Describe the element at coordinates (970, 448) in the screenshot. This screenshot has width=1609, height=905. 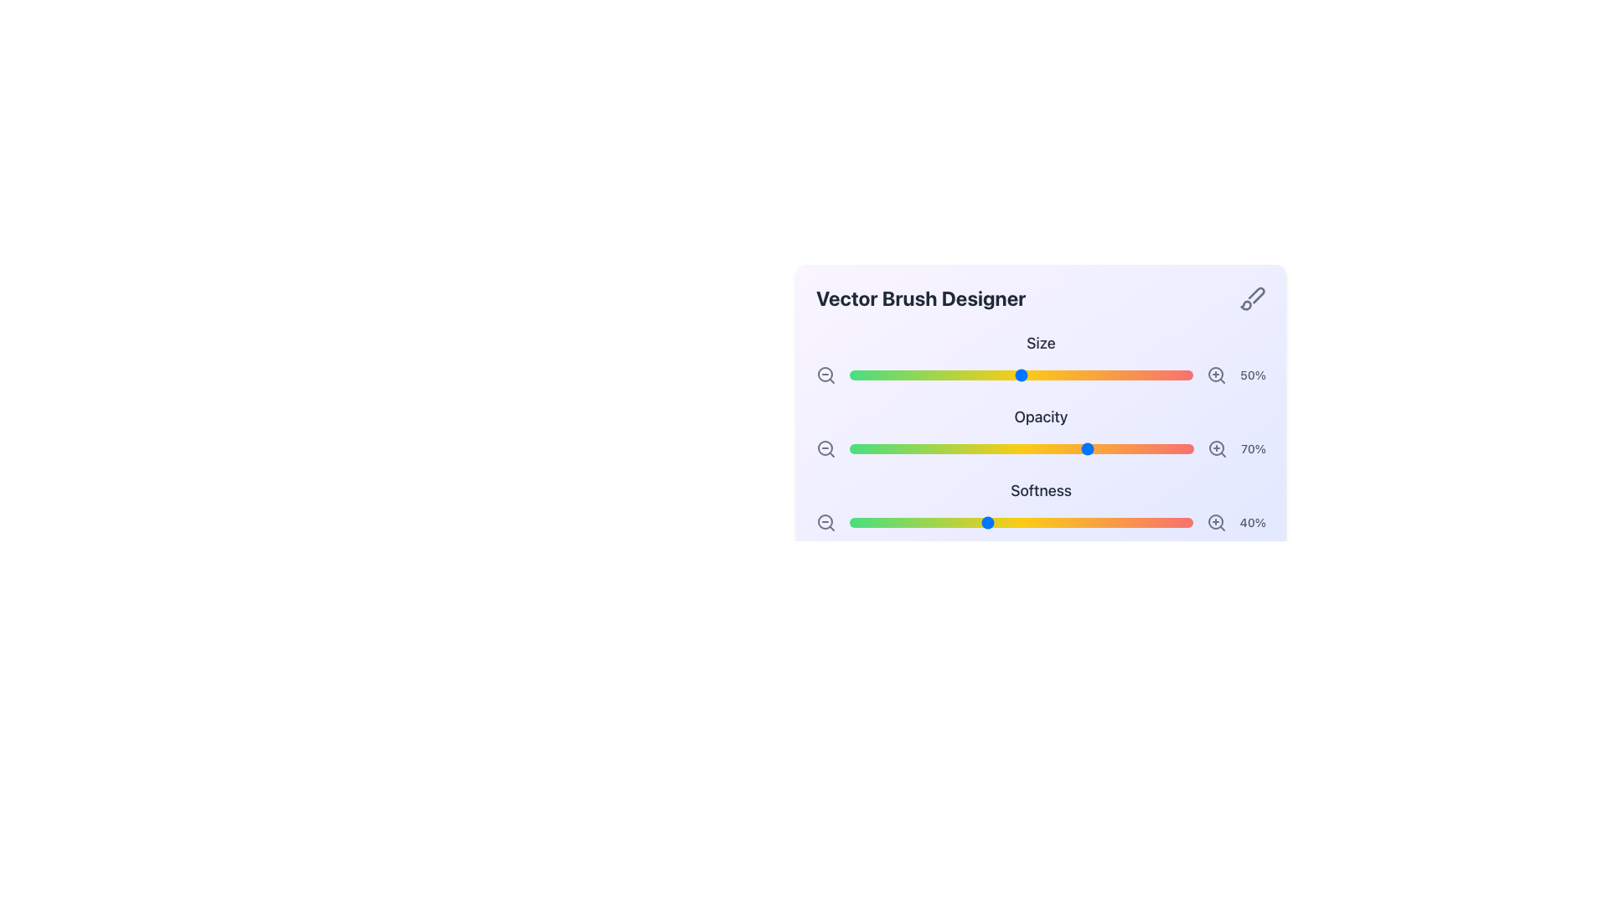
I see `opacity` at that location.